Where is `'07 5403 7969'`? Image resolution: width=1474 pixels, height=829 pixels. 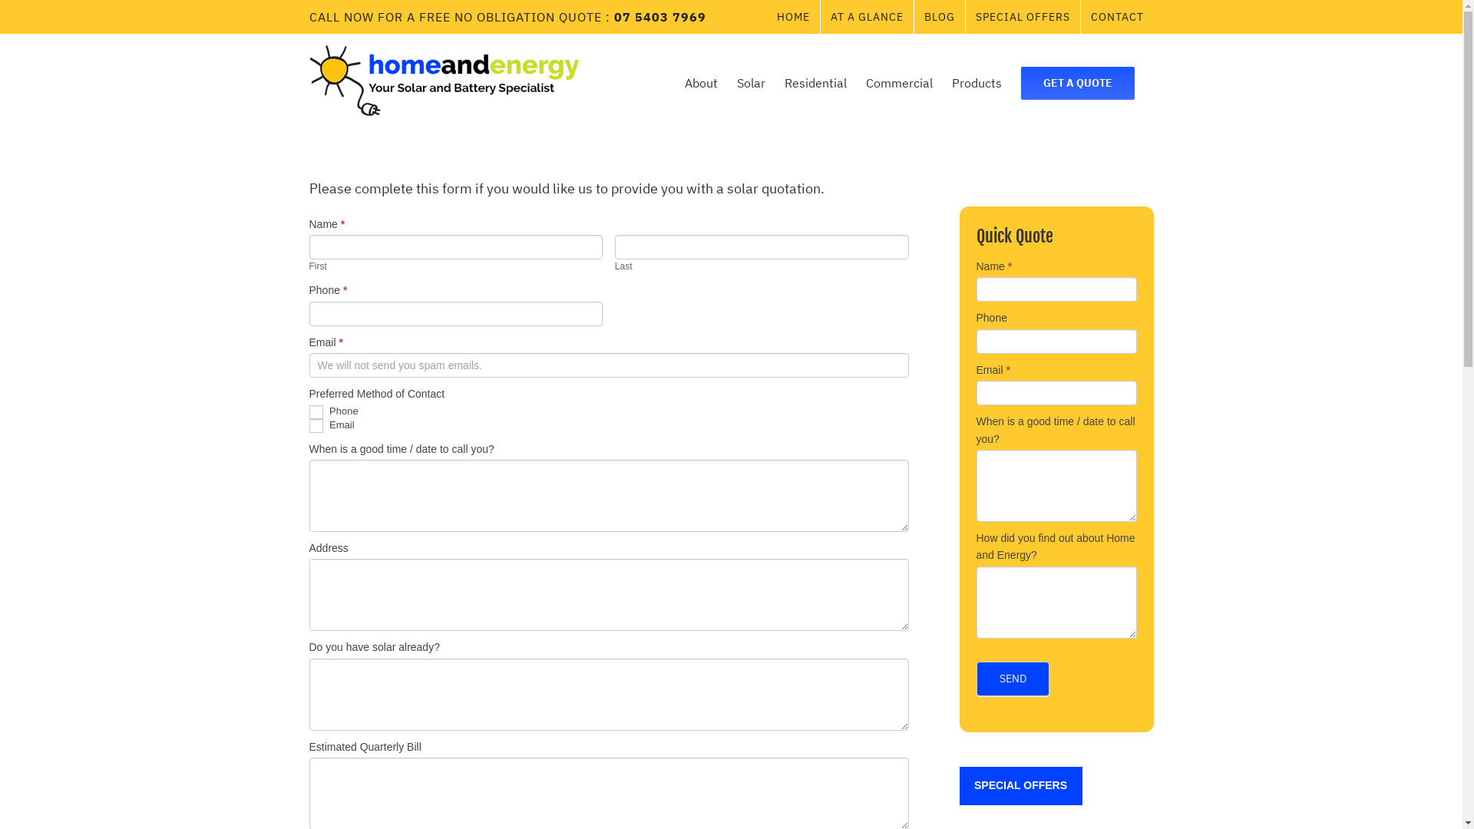 '07 5403 7969' is located at coordinates (614, 17).